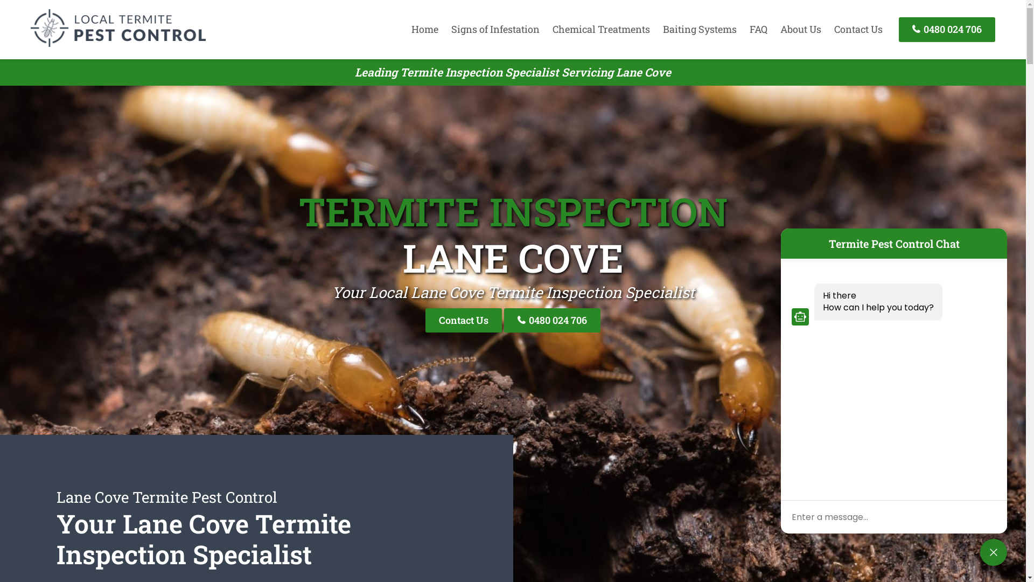 This screenshot has width=1034, height=582. I want to click on 'Chemical Treatments', so click(600, 29).